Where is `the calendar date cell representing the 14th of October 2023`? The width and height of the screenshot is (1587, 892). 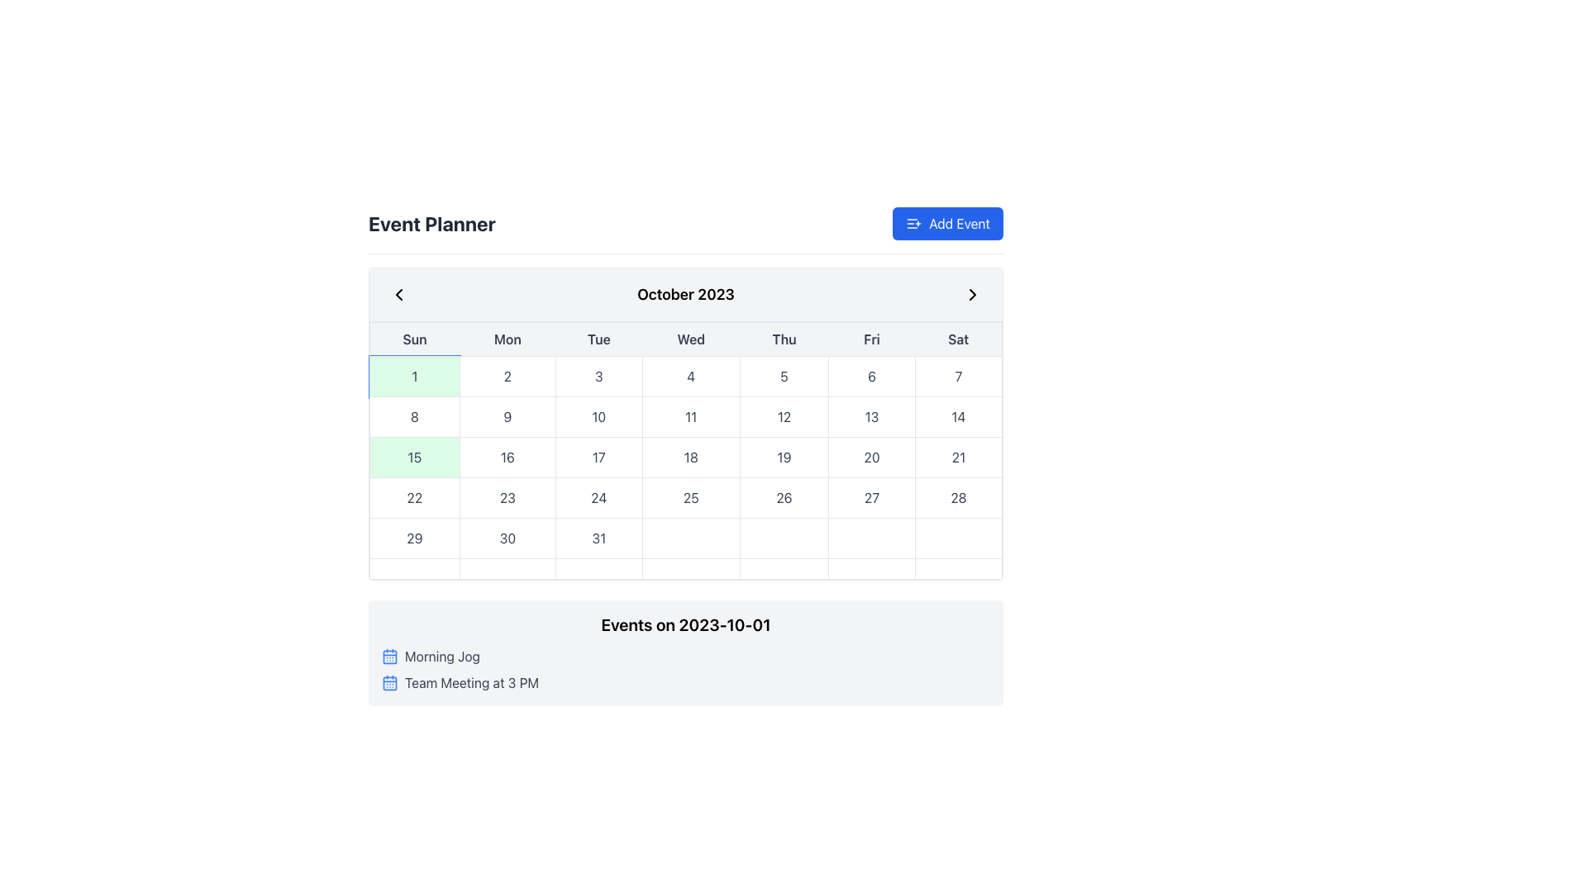
the calendar date cell representing the 14th of October 2023 is located at coordinates (958, 416).